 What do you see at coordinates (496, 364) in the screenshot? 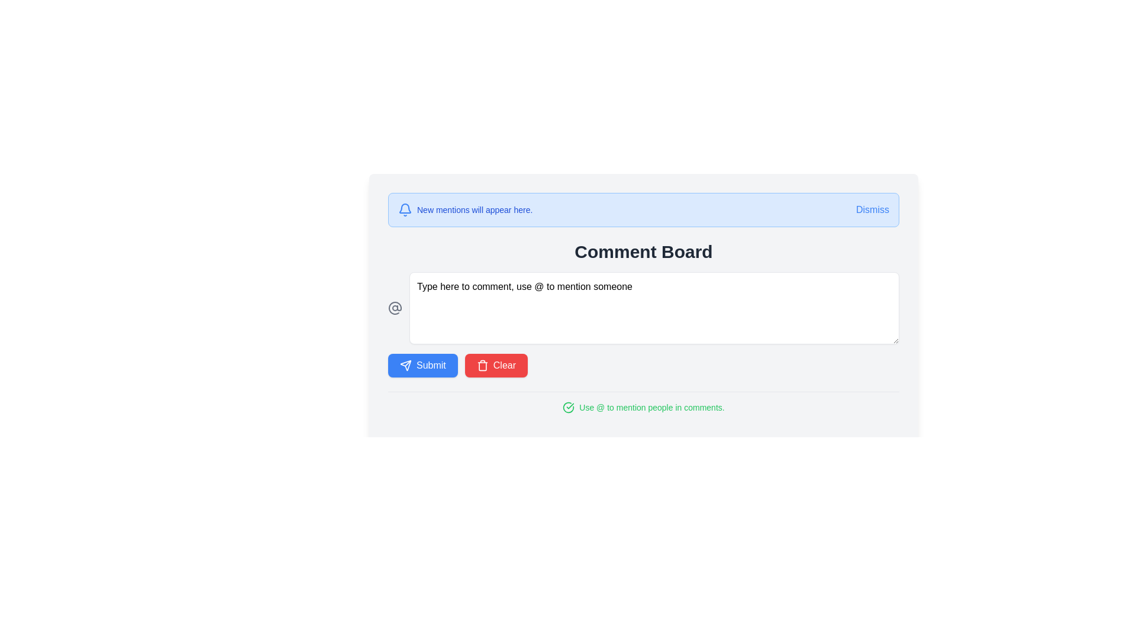
I see `the red 'Clear' button with a white trashcan icon` at bounding box center [496, 364].